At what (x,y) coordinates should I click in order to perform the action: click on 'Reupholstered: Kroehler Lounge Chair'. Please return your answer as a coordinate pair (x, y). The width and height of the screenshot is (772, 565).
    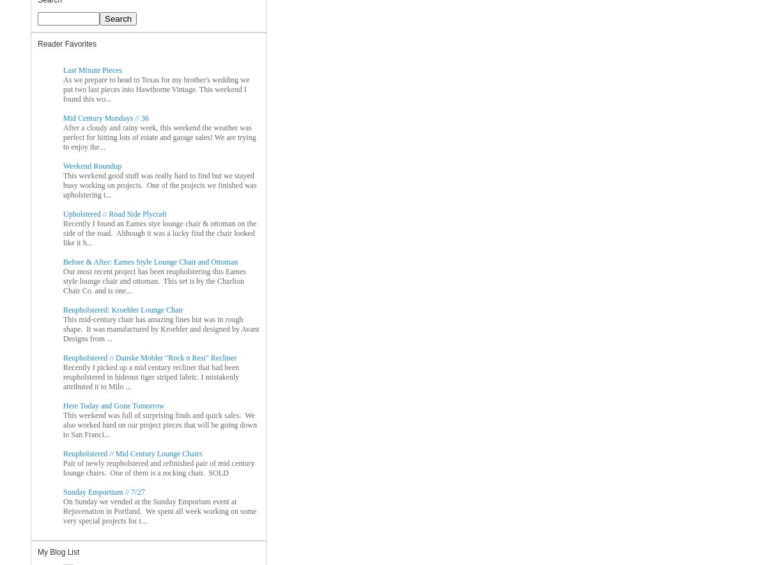
    Looking at the image, I should click on (123, 308).